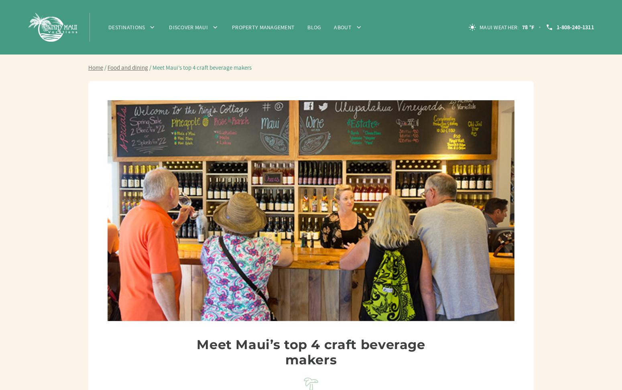 Image resolution: width=622 pixels, height=390 pixels. Describe the element at coordinates (127, 68) in the screenshot. I see `'Food and dining'` at that location.